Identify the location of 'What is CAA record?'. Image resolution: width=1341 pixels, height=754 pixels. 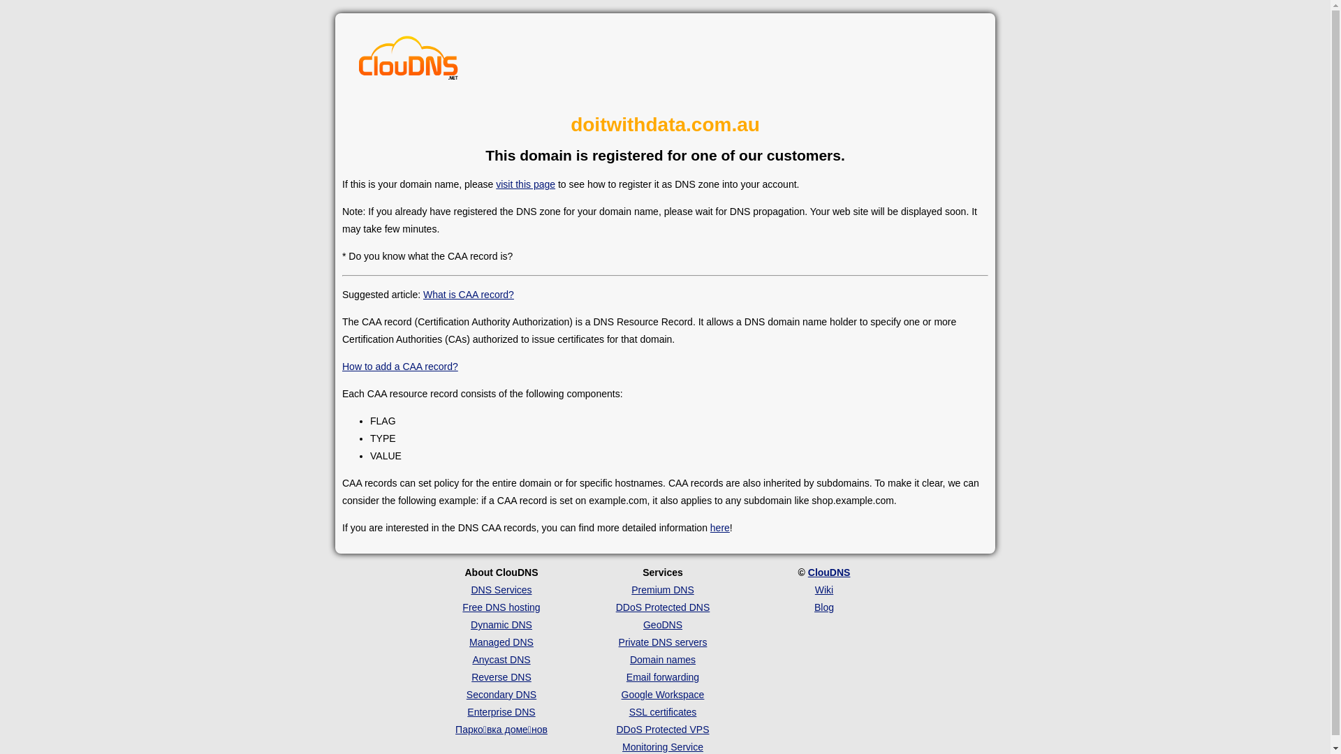
(422, 293).